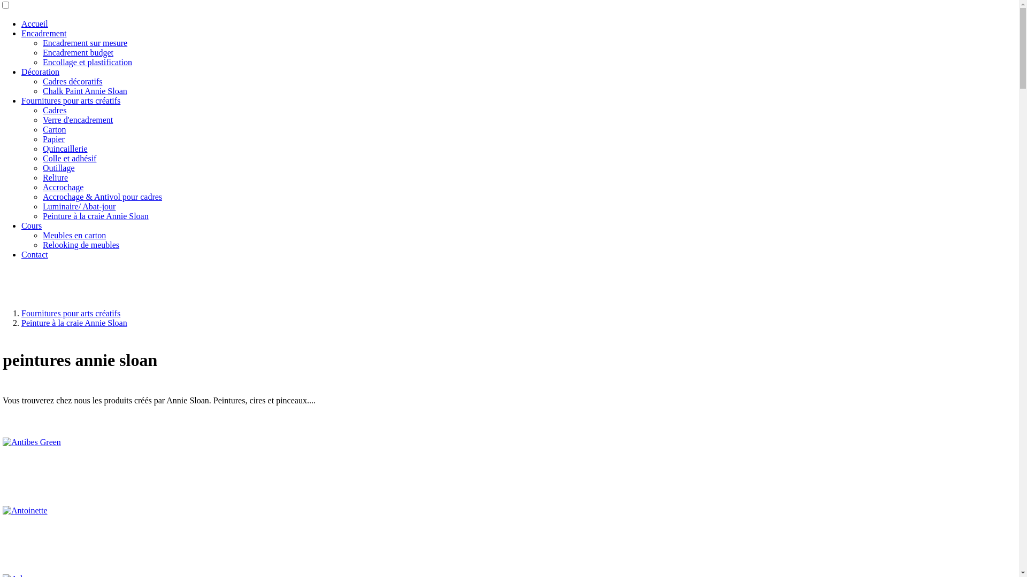  What do you see at coordinates (64, 149) in the screenshot?
I see `'Quincaillerie'` at bounding box center [64, 149].